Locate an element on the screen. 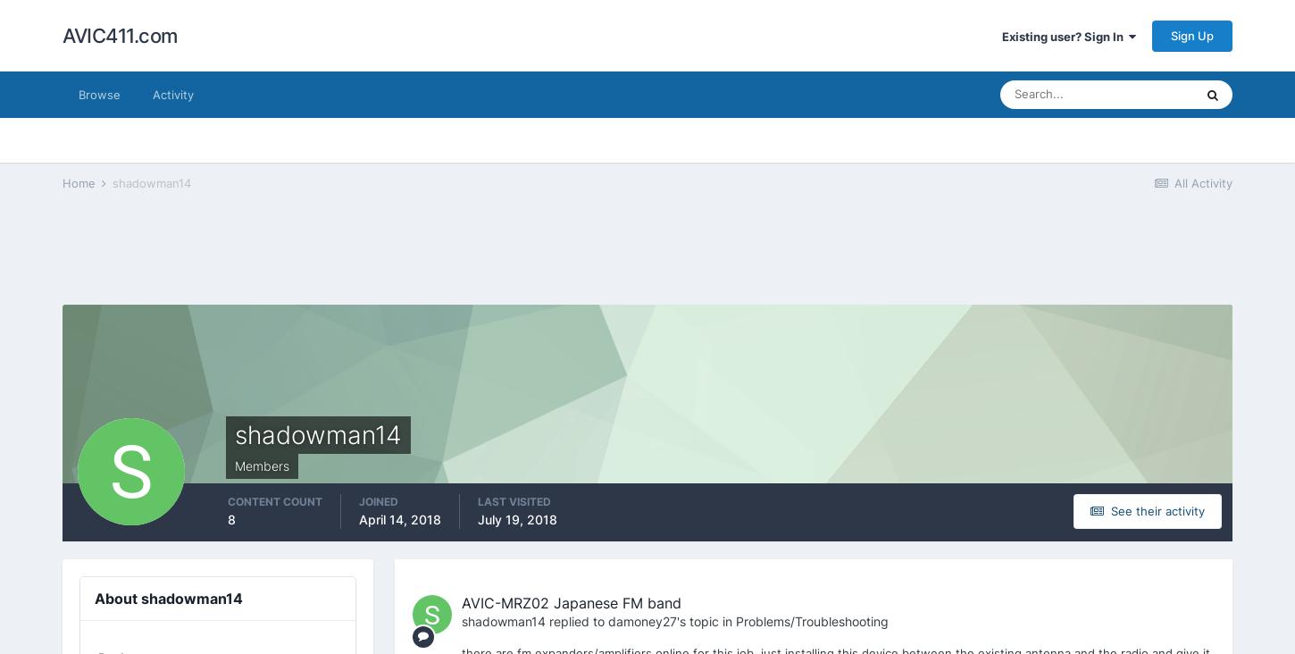 The image size is (1295, 654). 'replied to' is located at coordinates (575, 621).